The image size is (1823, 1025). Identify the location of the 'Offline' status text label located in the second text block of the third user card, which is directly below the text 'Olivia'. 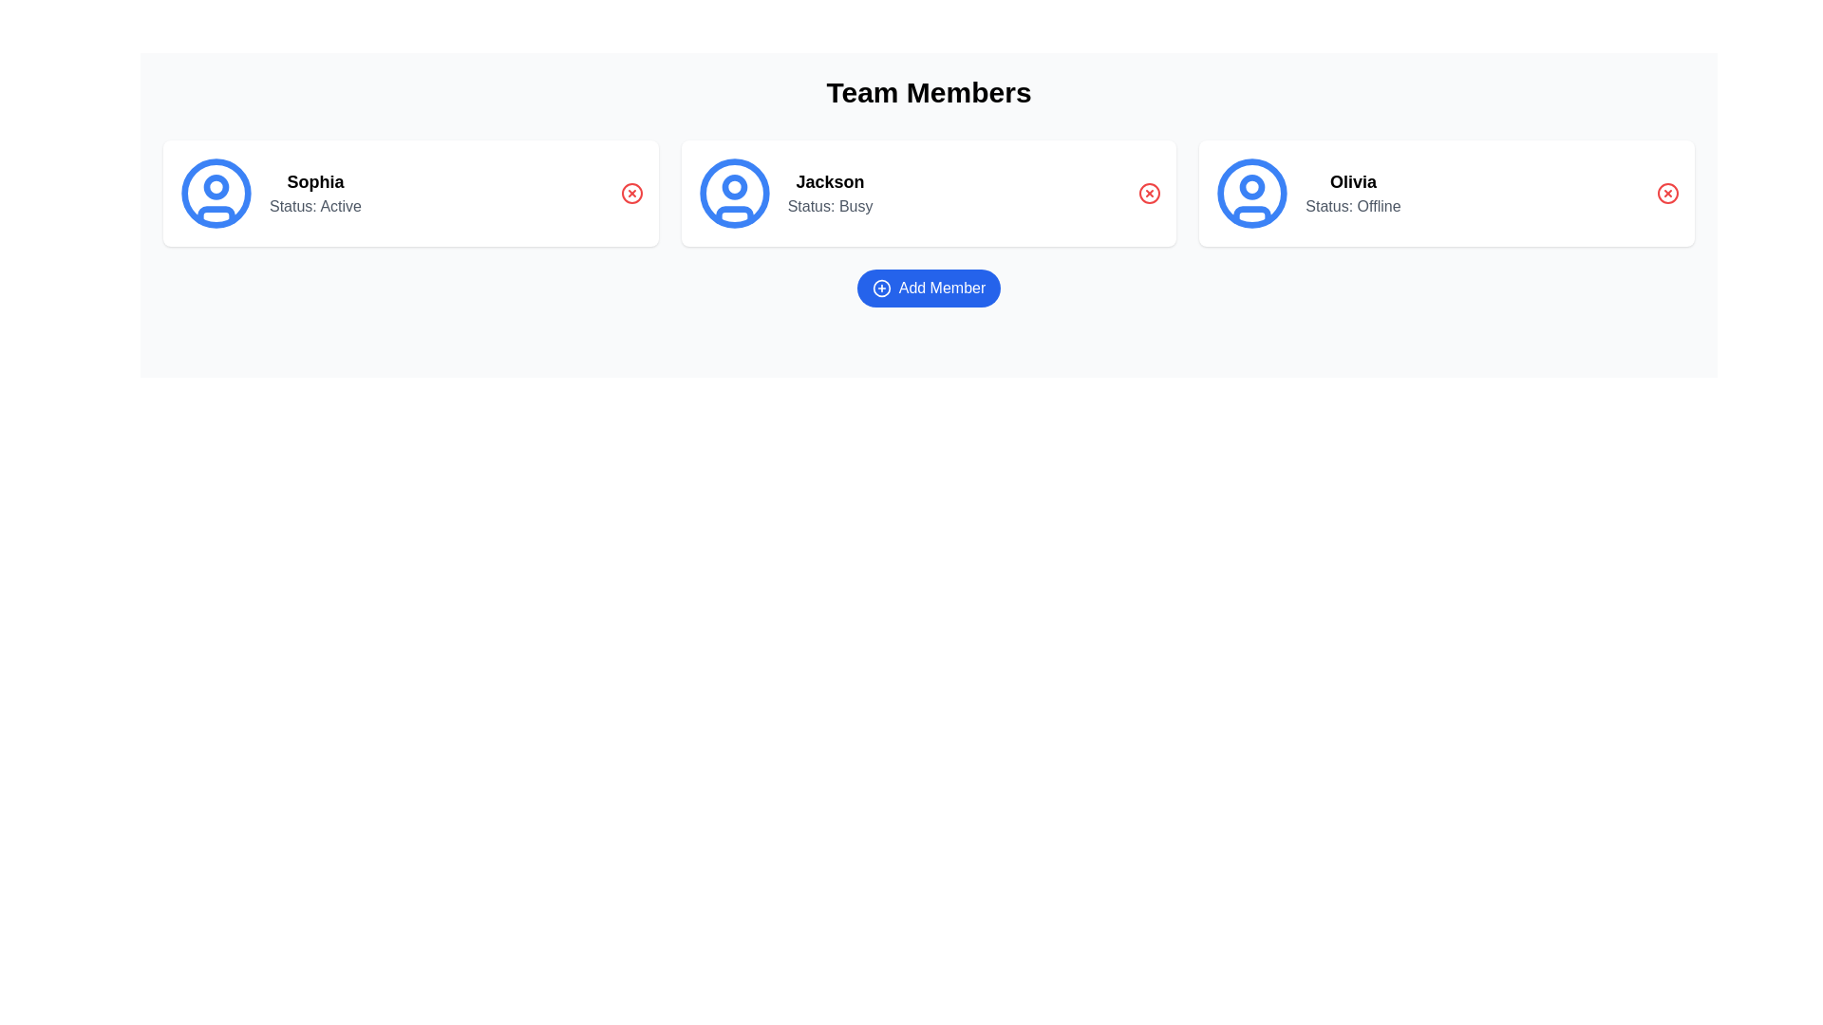
(1352, 207).